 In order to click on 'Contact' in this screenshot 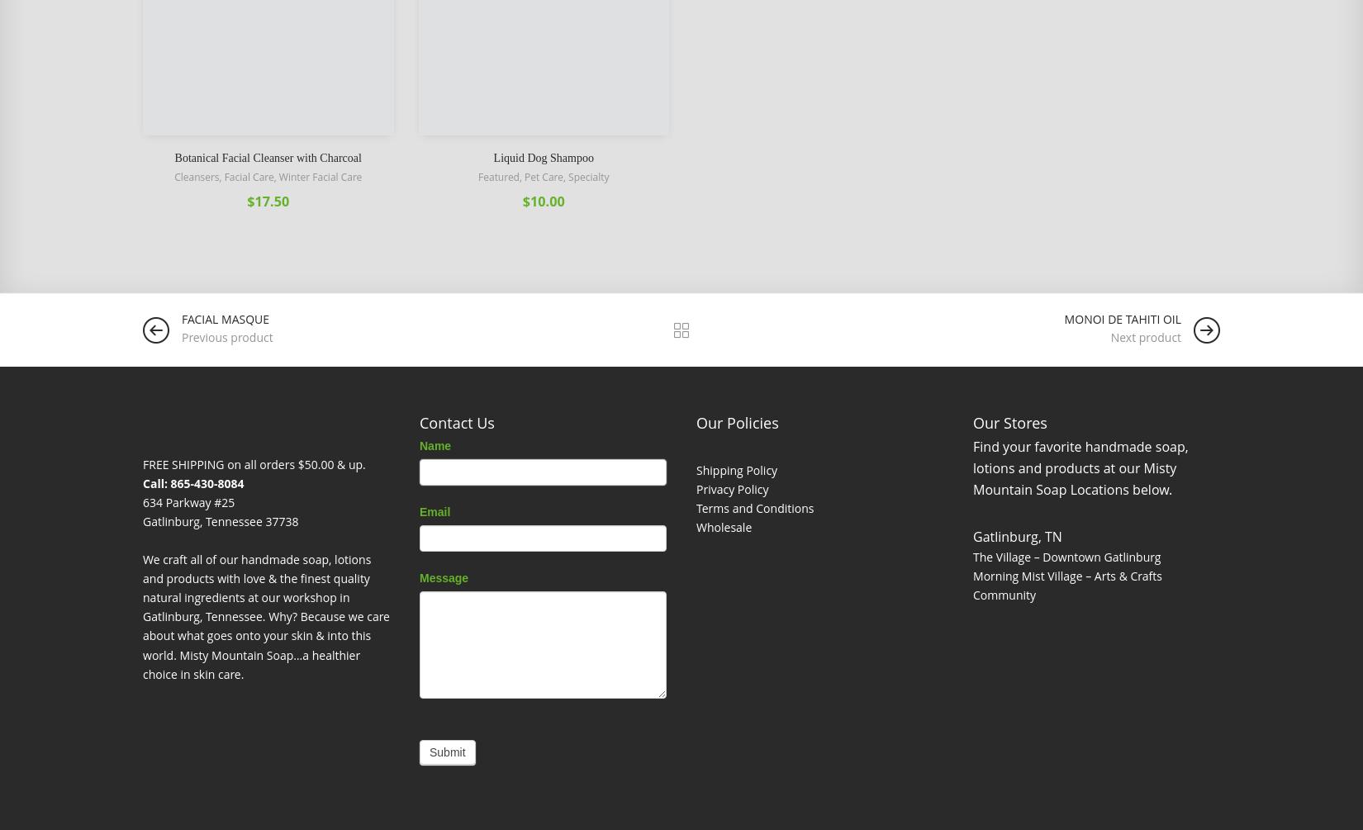, I will do `click(454, 449)`.